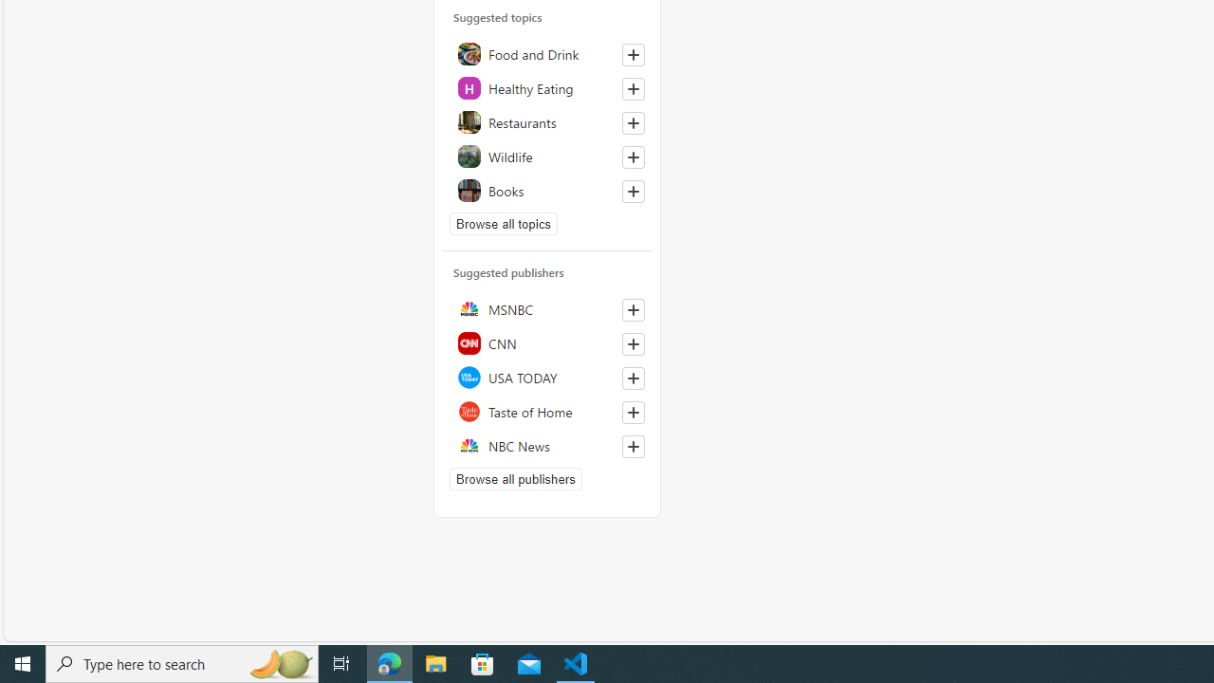 The height and width of the screenshot is (683, 1214). Describe the element at coordinates (546, 307) in the screenshot. I see `'MSNBC'` at that location.